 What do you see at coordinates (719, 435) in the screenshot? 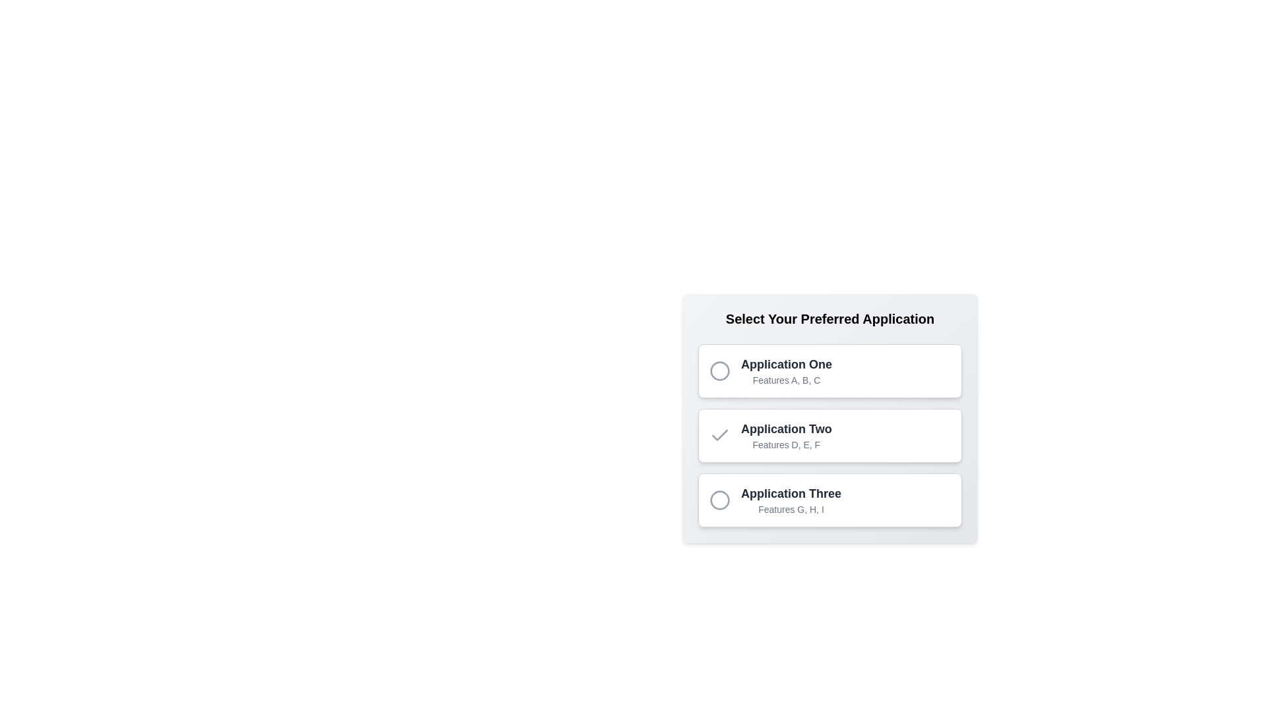
I see `the checkmark icon styled in a gray outline, located to the left of the text 'Application Two' in the selection interface` at bounding box center [719, 435].